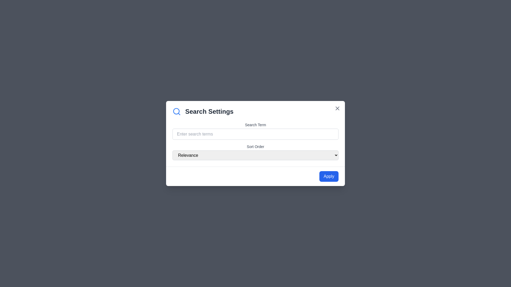  I want to click on the close button located at the top-right corner of the modal dialog, so click(337, 108).